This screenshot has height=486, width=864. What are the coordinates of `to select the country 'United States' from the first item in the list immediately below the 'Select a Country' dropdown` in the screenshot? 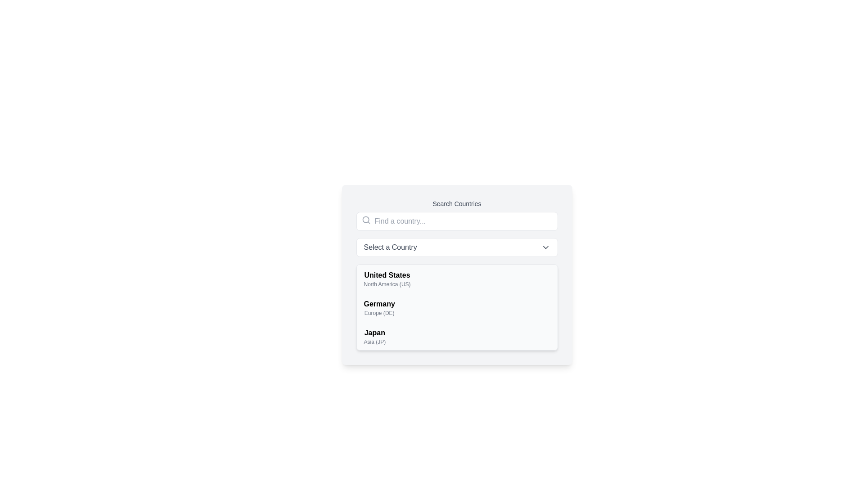 It's located at (387, 279).